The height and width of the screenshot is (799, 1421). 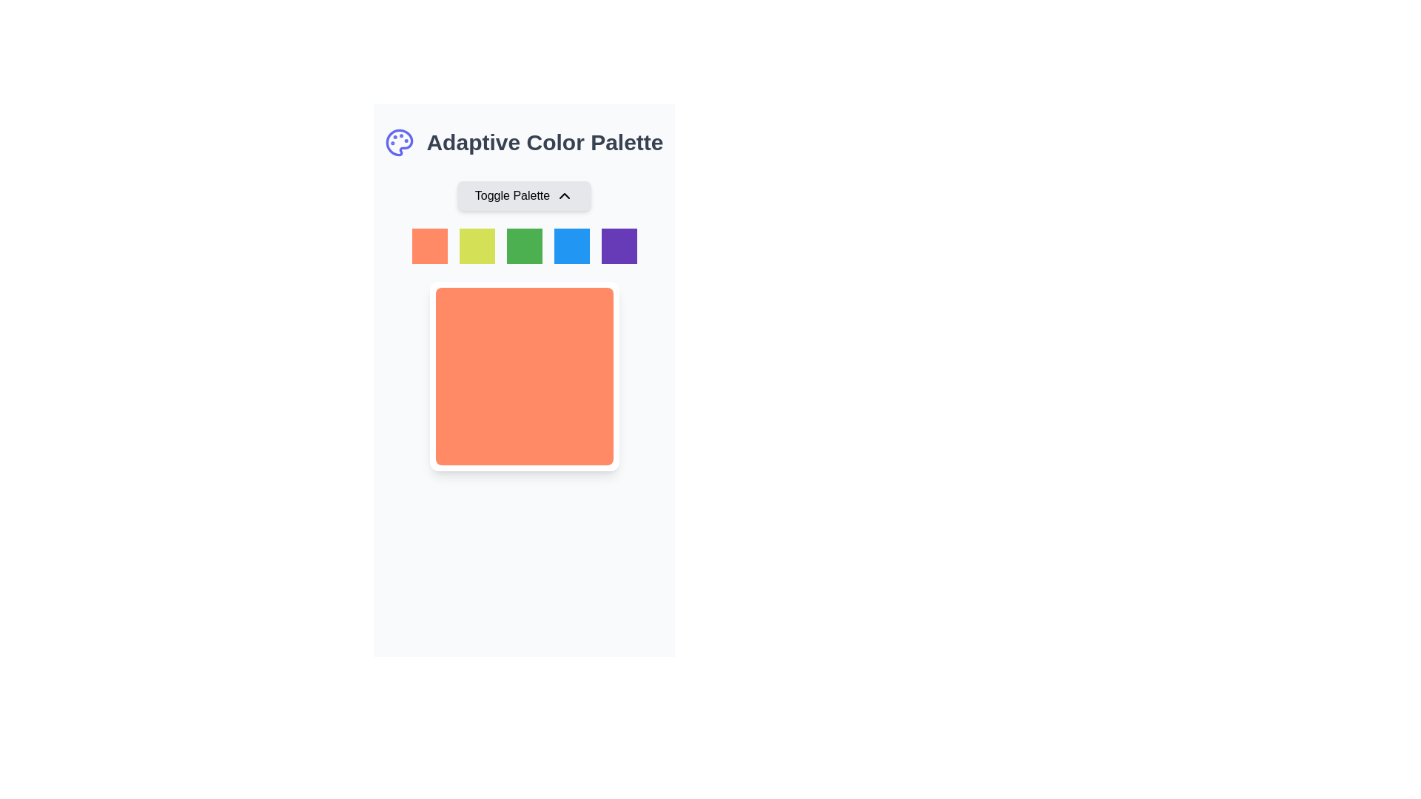 I want to click on the blue color selection button, which is the fourth square in a horizontal line of five, located between a green box and a purple box, so click(x=571, y=245).